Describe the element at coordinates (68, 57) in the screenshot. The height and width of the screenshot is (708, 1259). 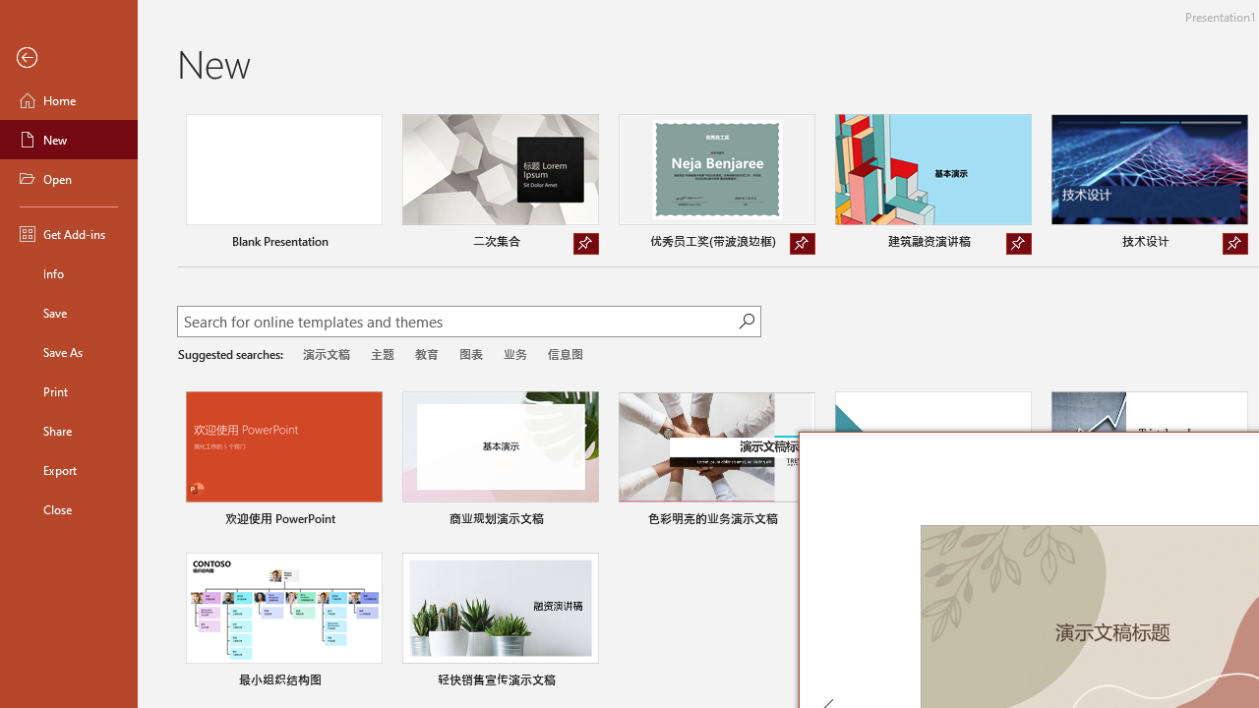
I see `'Back'` at that location.